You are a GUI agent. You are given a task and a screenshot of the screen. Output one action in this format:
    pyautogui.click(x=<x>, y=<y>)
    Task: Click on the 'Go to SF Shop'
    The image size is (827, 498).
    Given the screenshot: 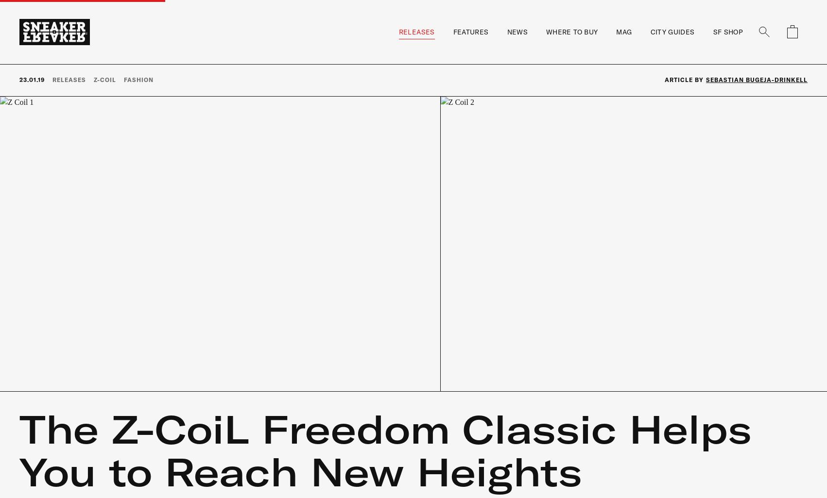 What is the action you would take?
    pyautogui.click(x=722, y=262)
    